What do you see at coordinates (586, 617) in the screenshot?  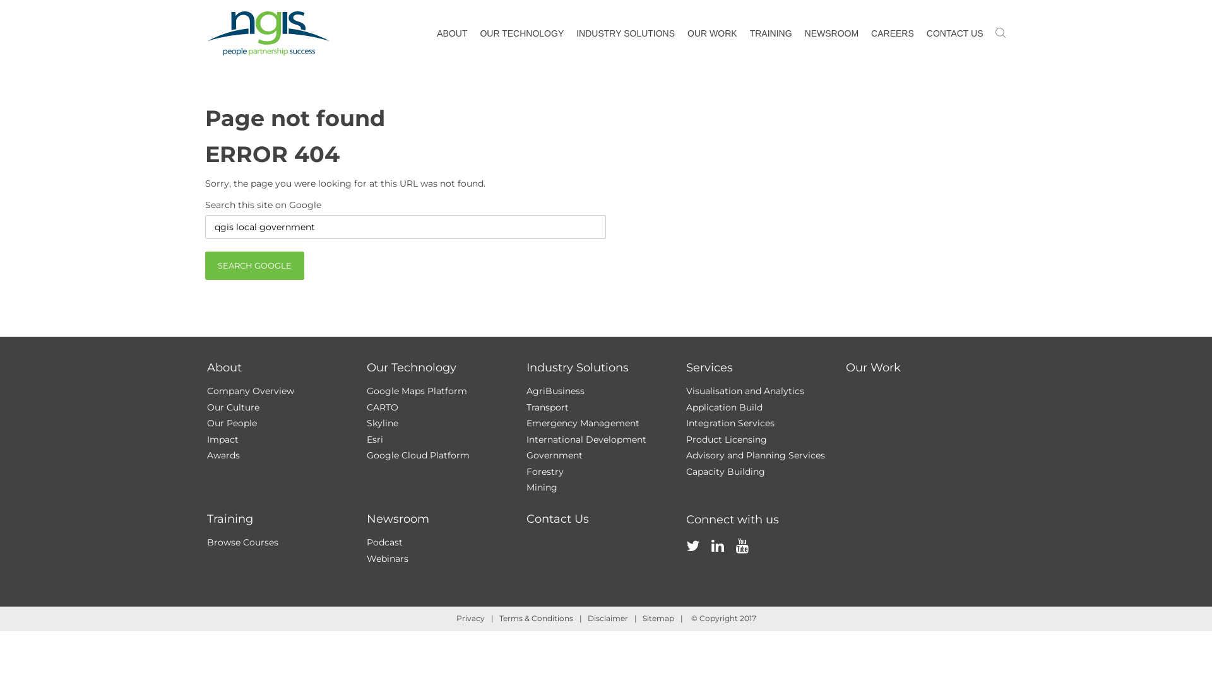 I see `'Disclaimer'` at bounding box center [586, 617].